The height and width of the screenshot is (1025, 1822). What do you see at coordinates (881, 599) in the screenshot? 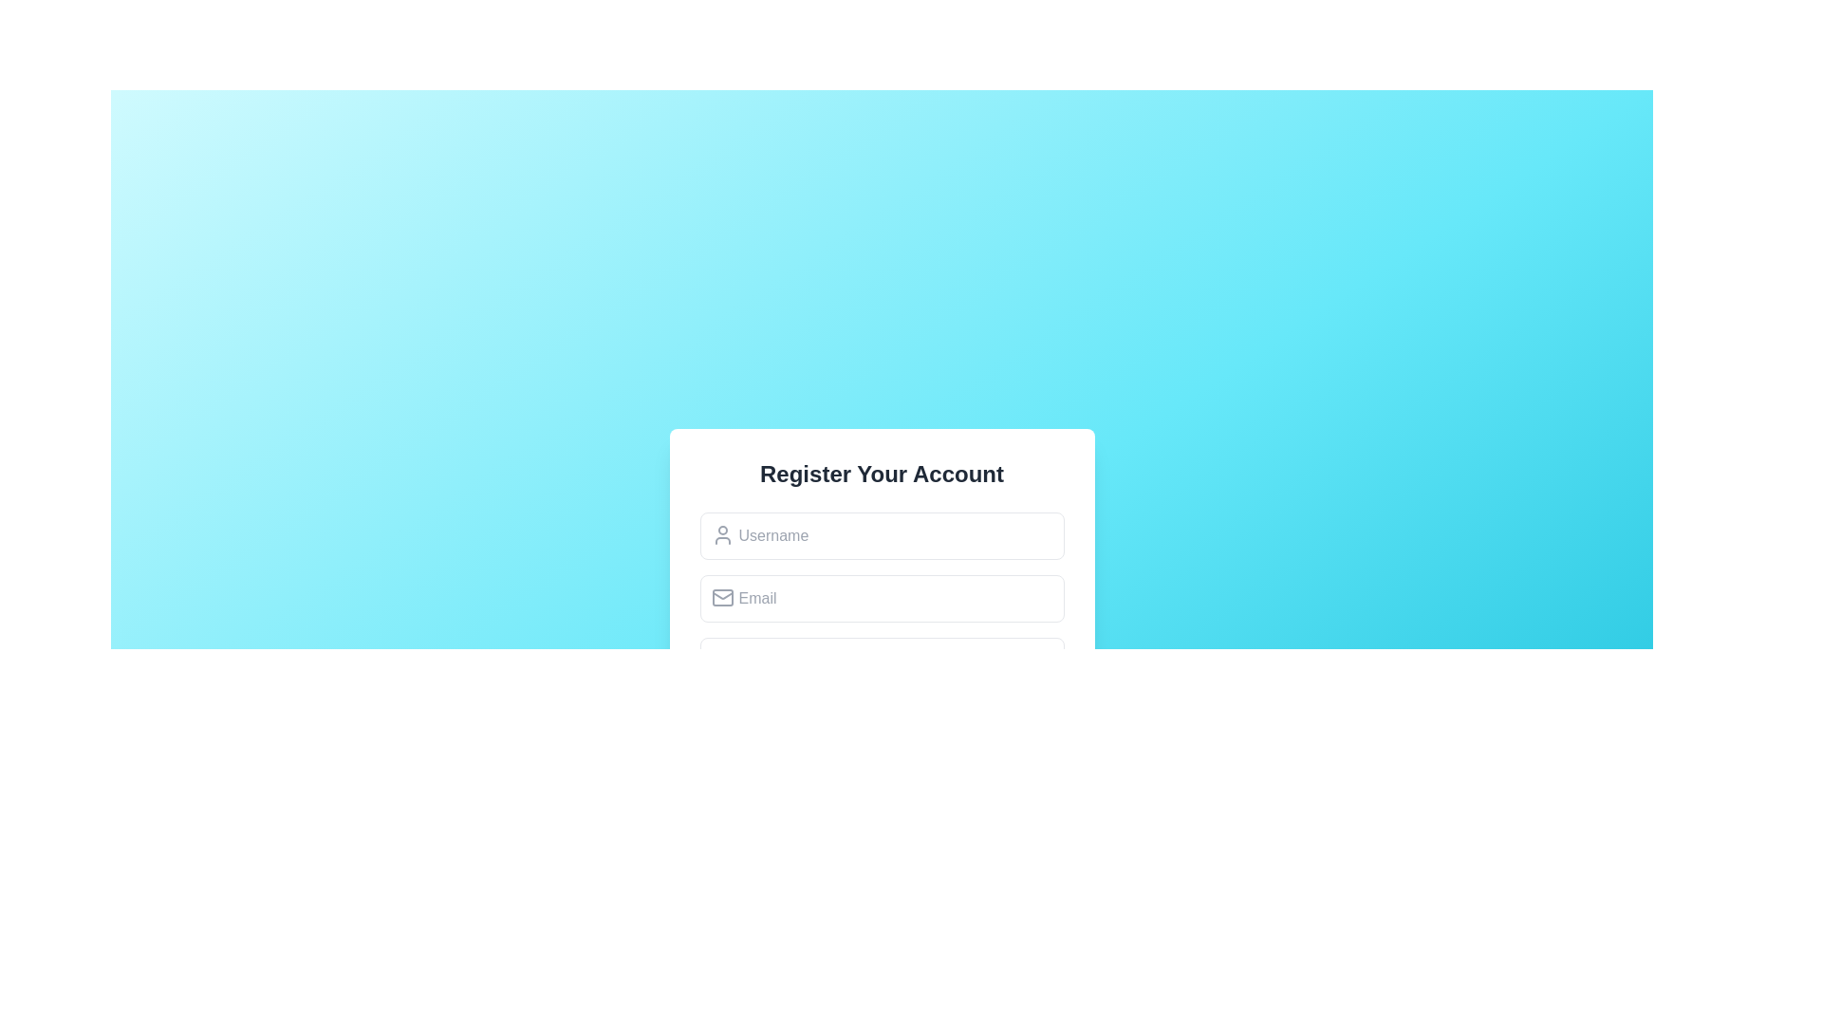
I see `inside the email input field to focus and start typing, which is the second field in the registration form titled 'Register Your Account'` at bounding box center [881, 599].